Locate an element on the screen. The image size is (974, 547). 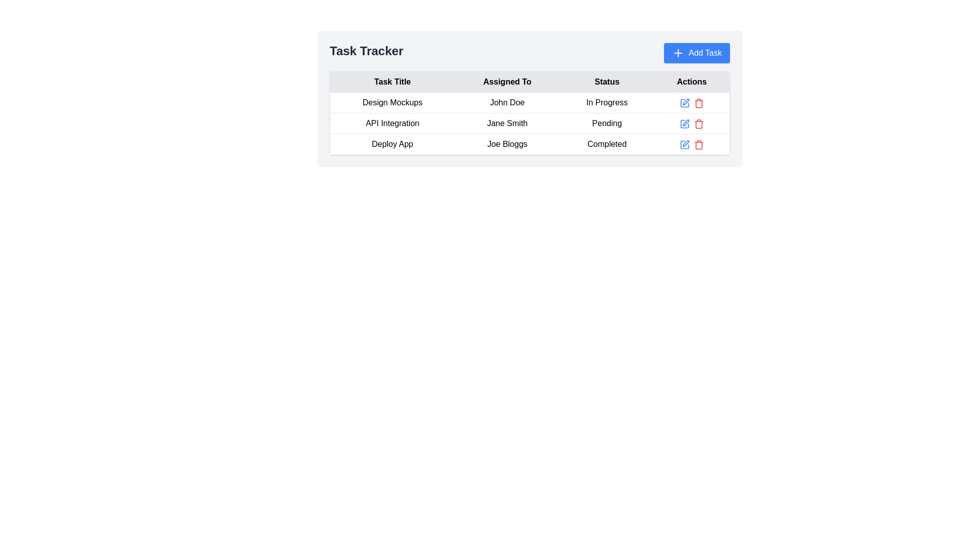
the 'Delete' button is located at coordinates (698, 144).